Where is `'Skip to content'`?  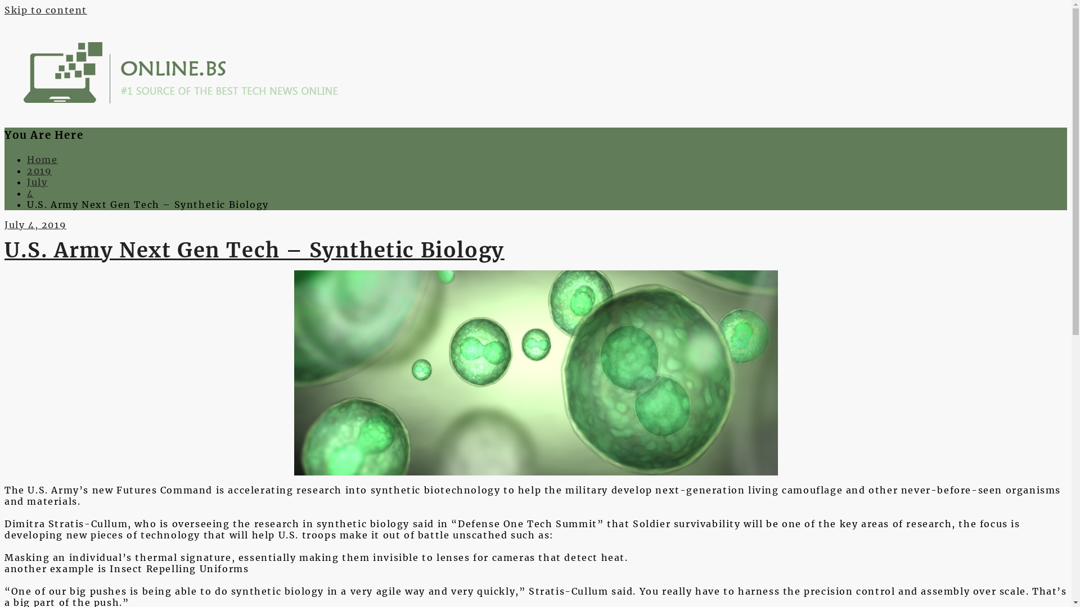
'Skip to content' is located at coordinates (4, 10).